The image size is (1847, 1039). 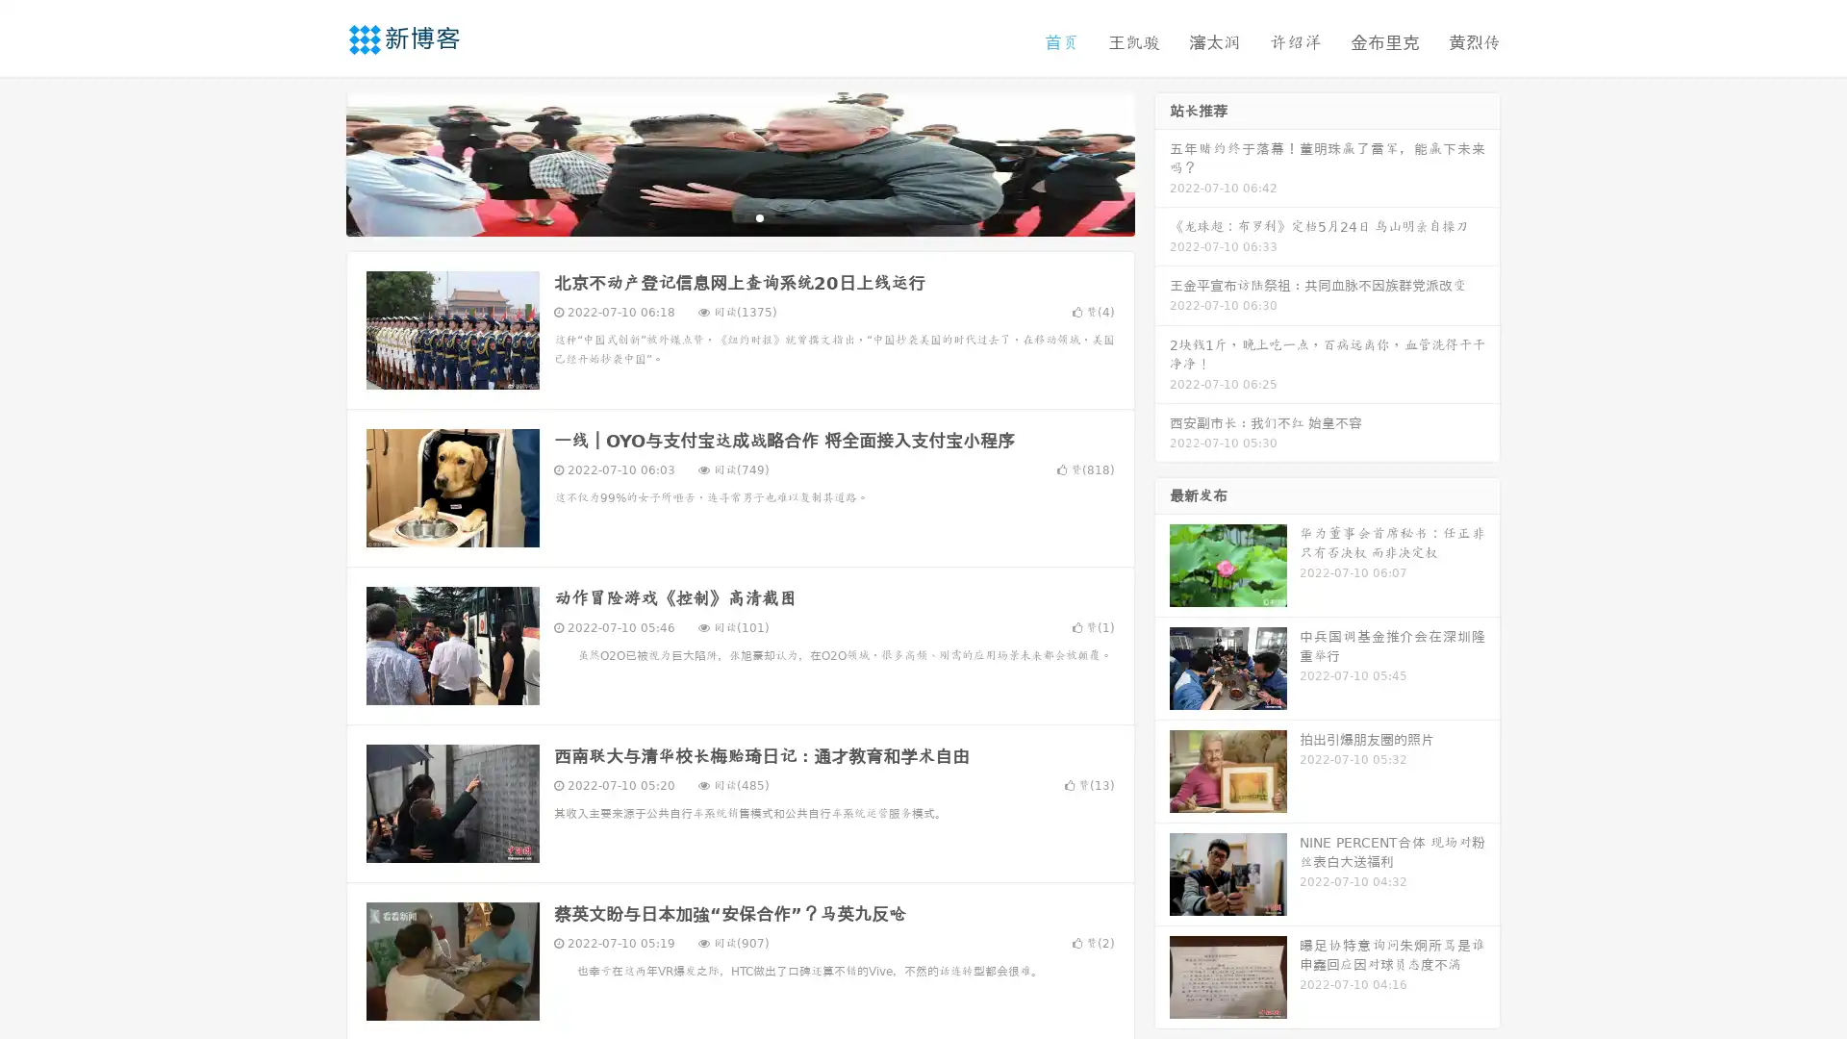 I want to click on Go to slide 3, so click(x=759, y=216).